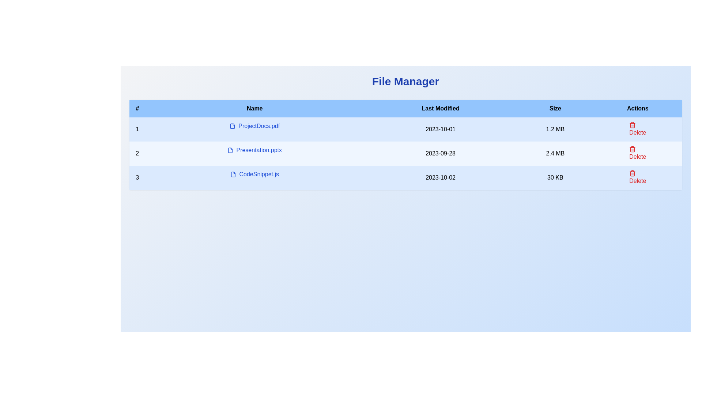 The image size is (702, 395). What do you see at coordinates (254, 150) in the screenshot?
I see `the text 'Presentation.pptx'` at bounding box center [254, 150].